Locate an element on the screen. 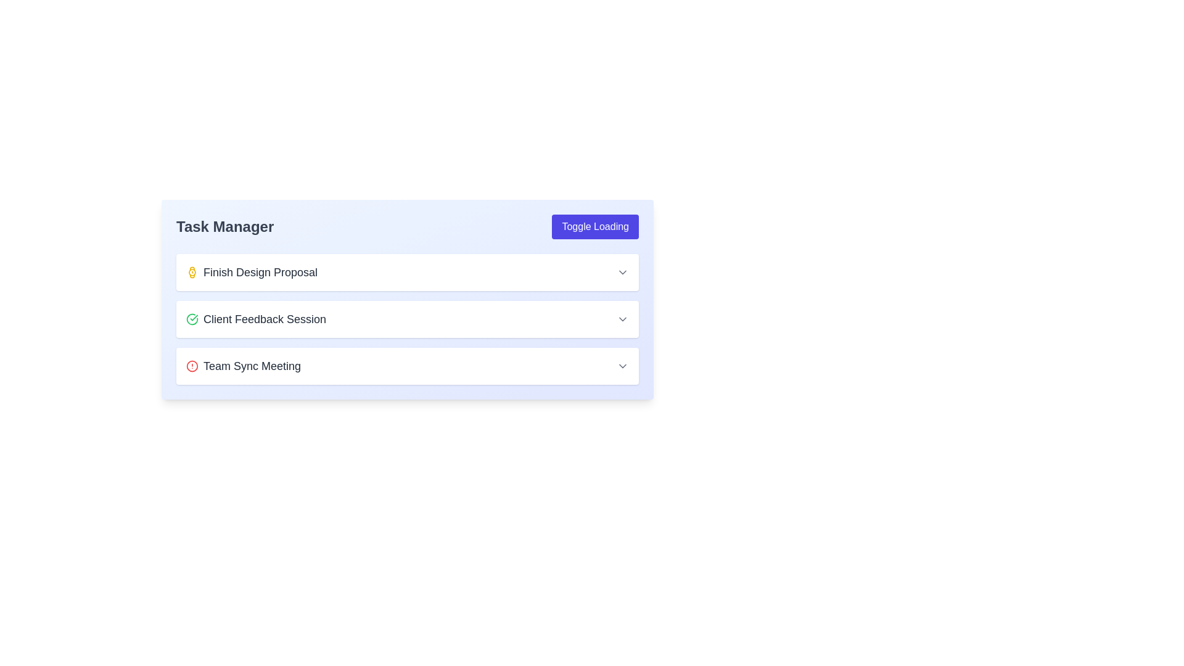 This screenshot has width=1184, height=666. on the 'Finish Design Proposal' collapsible row in the Task Manager card is located at coordinates (408, 272).